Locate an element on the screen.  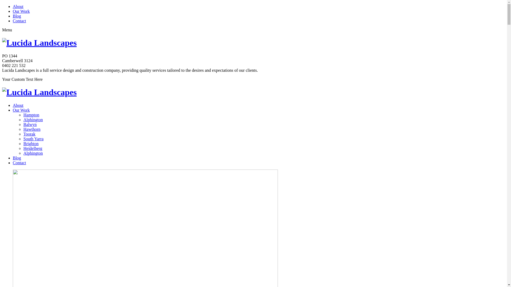
'Our Work' is located at coordinates (21, 11).